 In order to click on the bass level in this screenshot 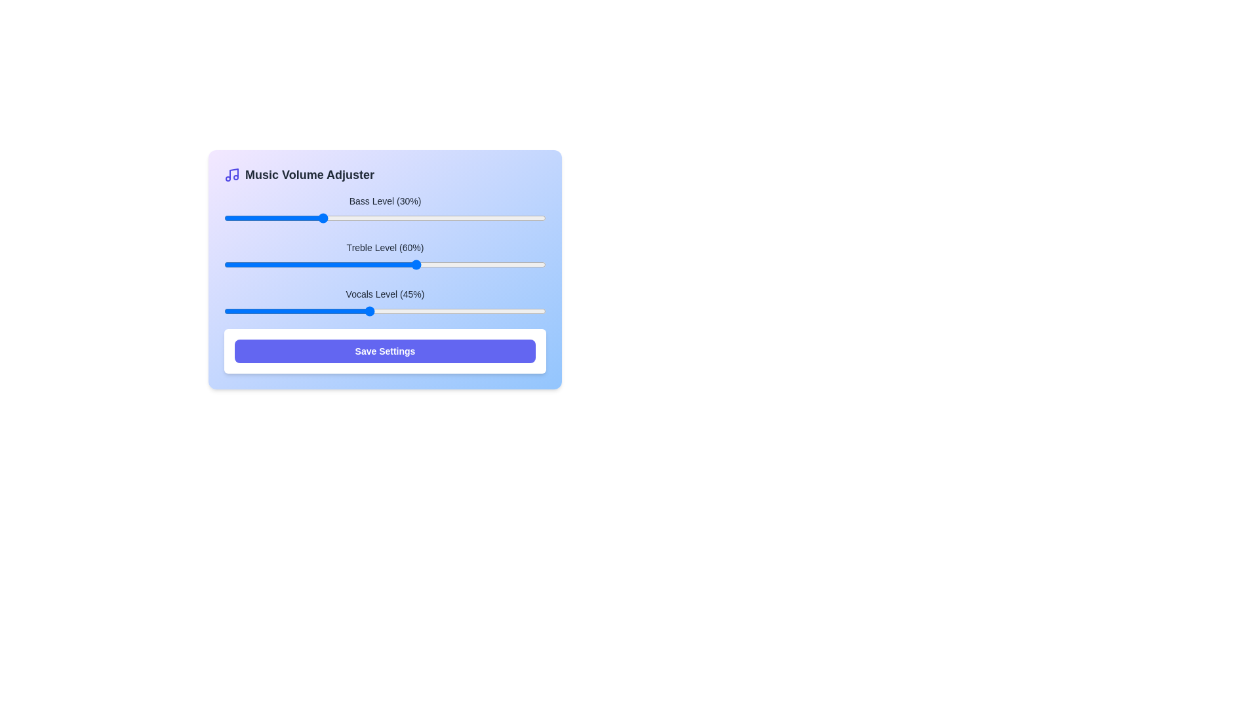, I will do `click(336, 217)`.